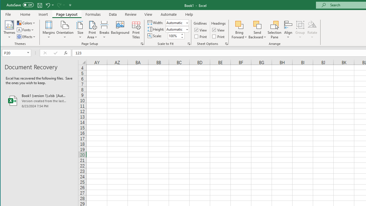 Image resolution: width=366 pixels, height=206 pixels. I want to click on 'View', so click(148, 14).